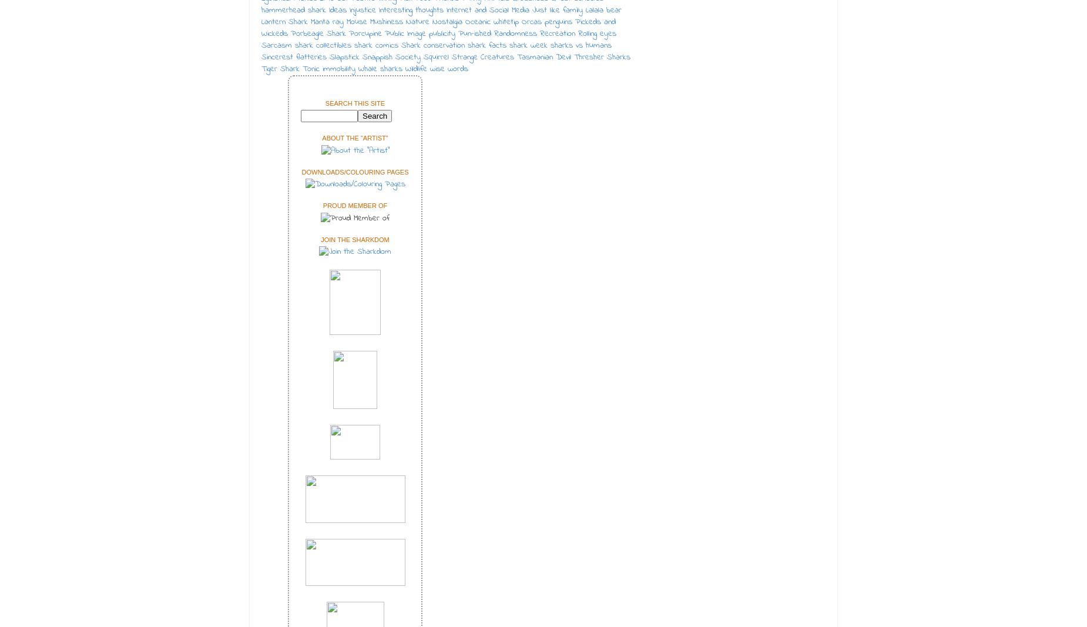  Describe the element at coordinates (408, 56) in the screenshot. I see `'Society'` at that location.